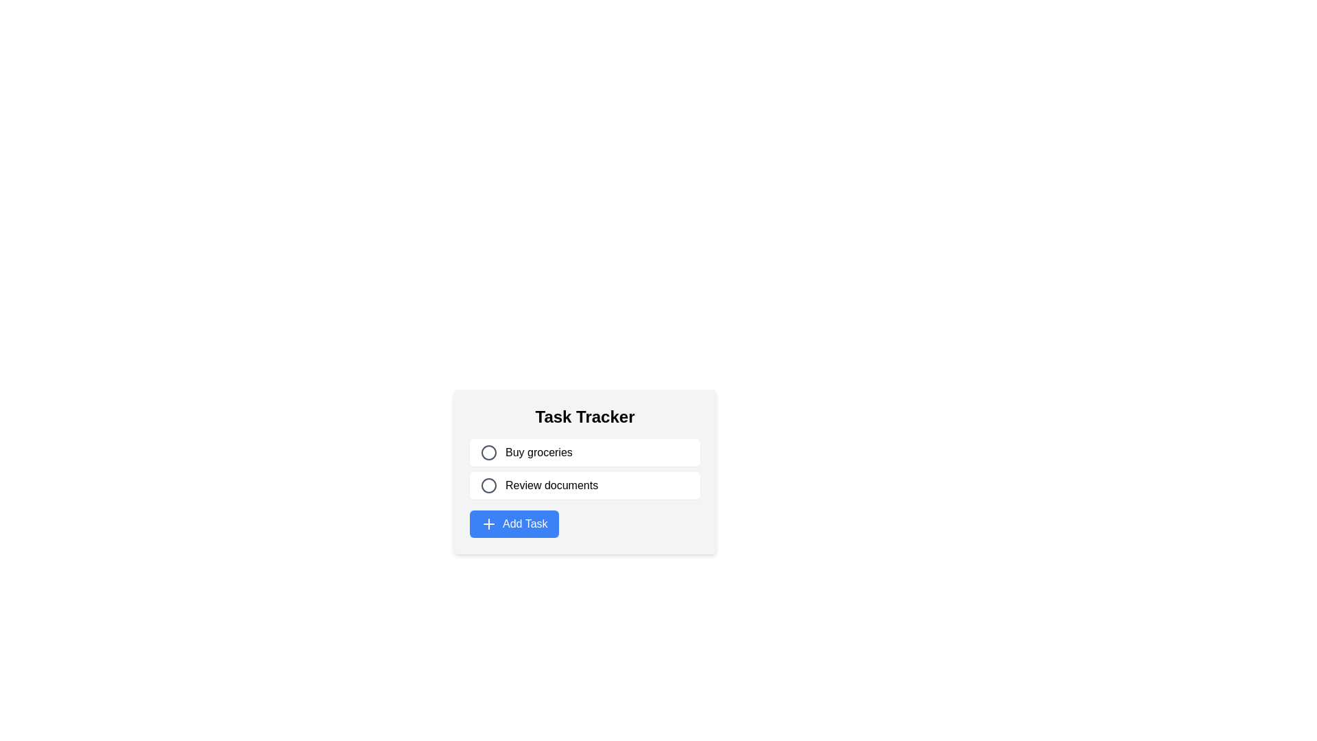 The image size is (1317, 741). What do you see at coordinates (585, 416) in the screenshot?
I see `the heading element displaying 'Task Tracker' which is prominently styled with a large, bold font at the top of a card-like section` at bounding box center [585, 416].